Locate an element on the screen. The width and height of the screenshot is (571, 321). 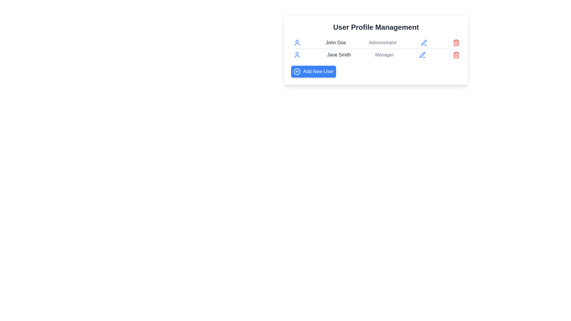
the circular addition icon with a blue theme and a plus sign, located to the left of the 'Add New User' button in the user profile management interface is located at coordinates (297, 71).